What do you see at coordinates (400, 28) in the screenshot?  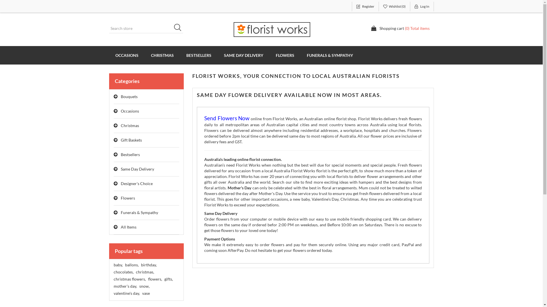 I see `'Shopping cart (0) Total items'` at bounding box center [400, 28].